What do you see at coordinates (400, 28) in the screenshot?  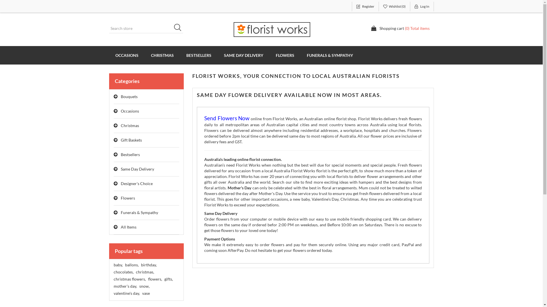 I see `'Shopping cart (0) Total items'` at bounding box center [400, 28].